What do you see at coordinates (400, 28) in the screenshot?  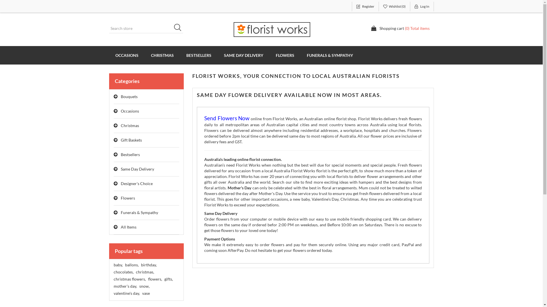 I see `'Shopping cart (0) Total items'` at bounding box center [400, 28].